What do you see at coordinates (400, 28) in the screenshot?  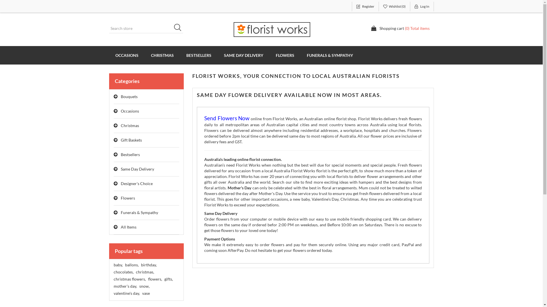 I see `'Shopping cart (0) Total items'` at bounding box center [400, 28].